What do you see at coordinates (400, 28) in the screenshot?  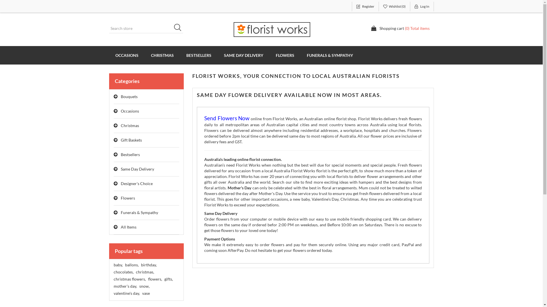 I see `'Shopping cart (0) Total items'` at bounding box center [400, 28].